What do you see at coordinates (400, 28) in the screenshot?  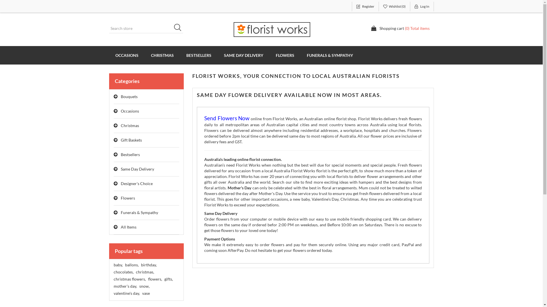 I see `'Shopping cart (0) Total items'` at bounding box center [400, 28].